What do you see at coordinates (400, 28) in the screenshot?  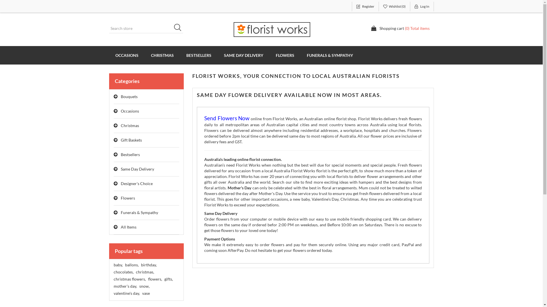 I see `'Shopping cart (0) Total items'` at bounding box center [400, 28].